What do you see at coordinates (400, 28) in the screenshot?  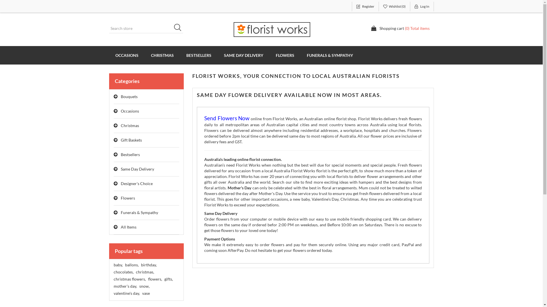 I see `'Shopping cart (0) Total items'` at bounding box center [400, 28].